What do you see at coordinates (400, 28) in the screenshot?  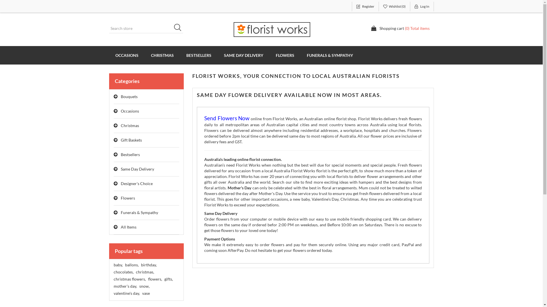 I see `'Shopping cart (0) Total items'` at bounding box center [400, 28].